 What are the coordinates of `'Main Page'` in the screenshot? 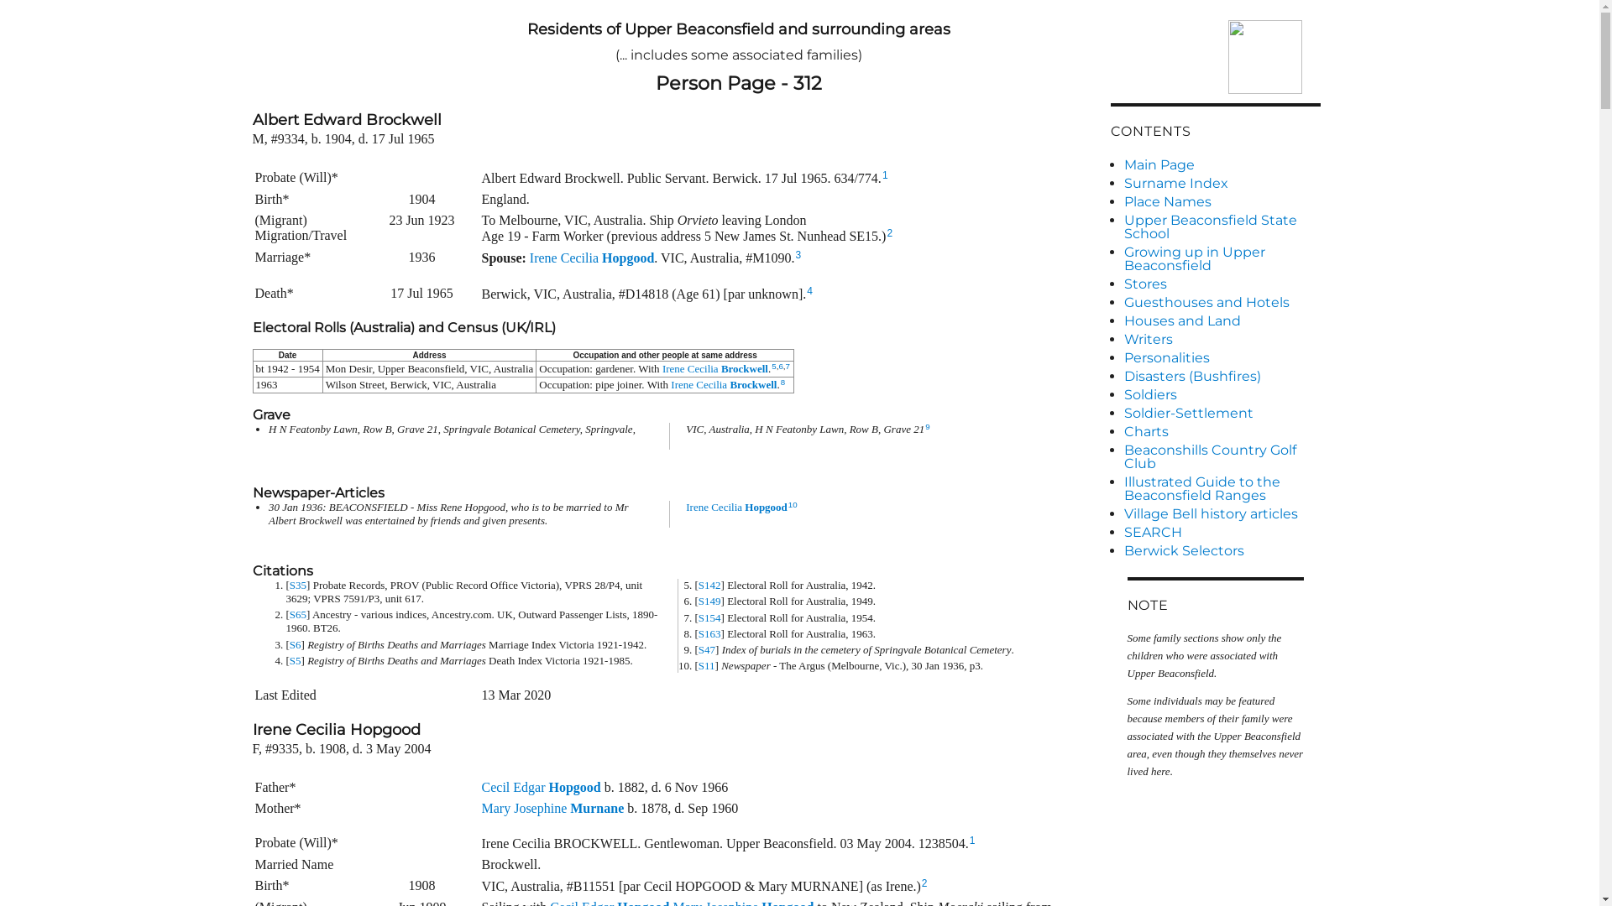 It's located at (1221, 164).